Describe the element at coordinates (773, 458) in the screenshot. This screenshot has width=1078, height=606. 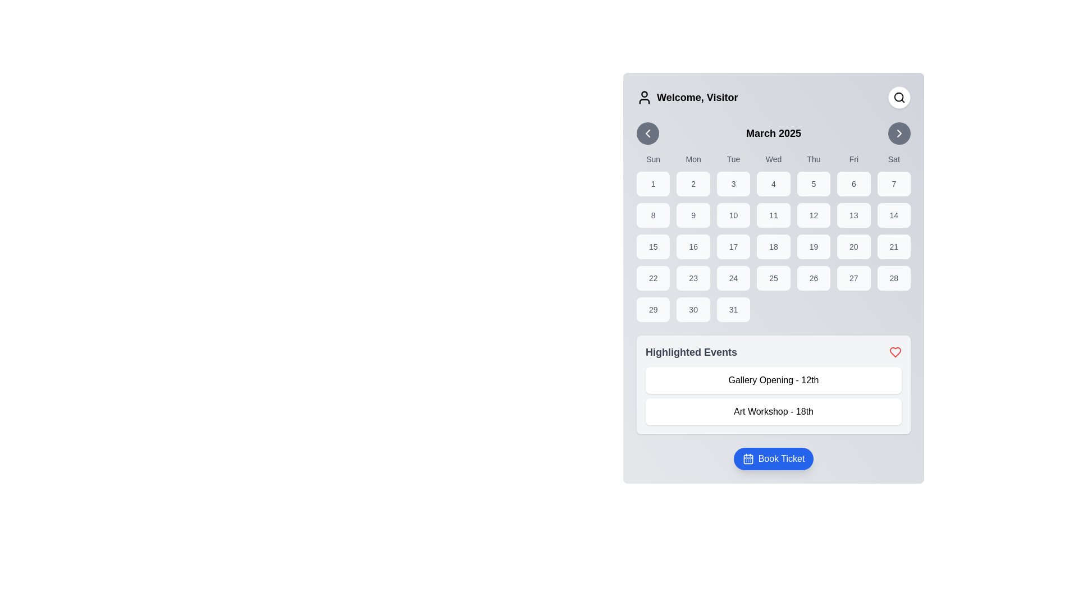
I see `the button labeled 'Book Ticket' with a blue background and a calendar icon, located below the 'Highlighted Events' section` at that location.